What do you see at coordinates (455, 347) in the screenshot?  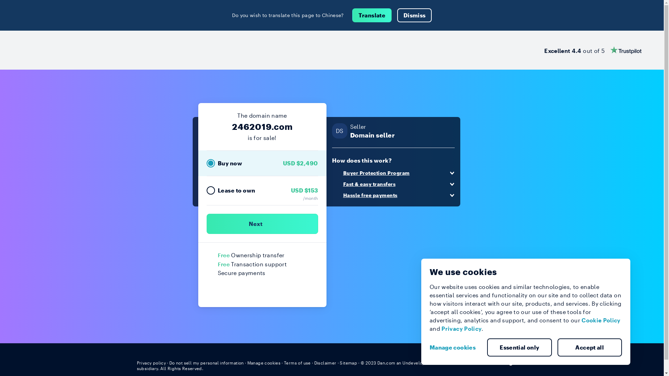 I see `'Manage cookies'` at bounding box center [455, 347].